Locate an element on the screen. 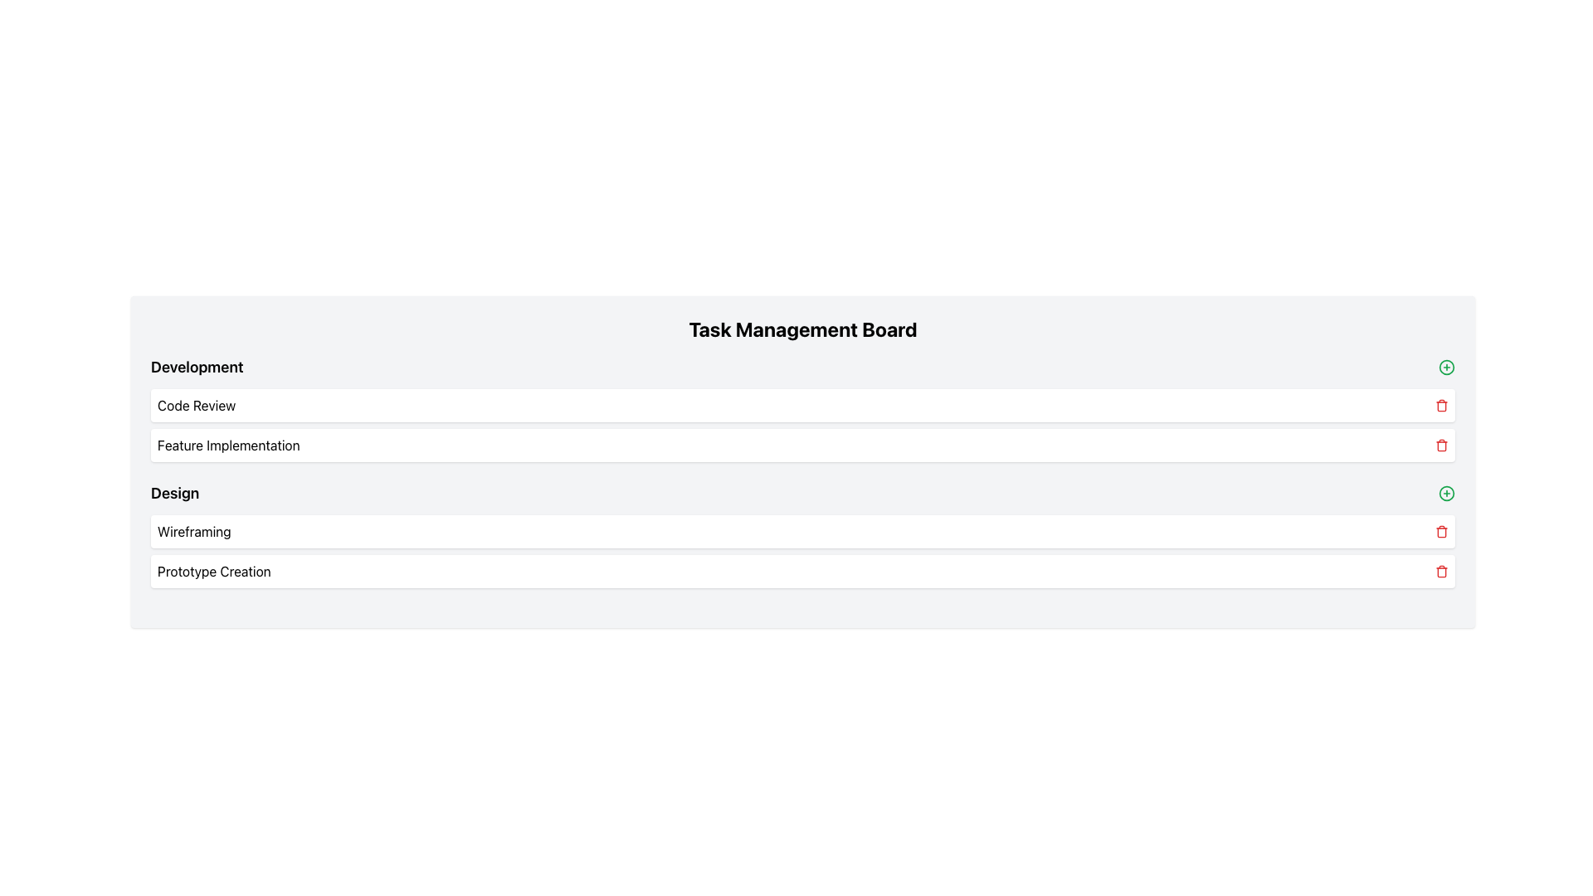  the trash can icon at the far right of the 'Feature Implementation' task is located at coordinates (1440, 444).